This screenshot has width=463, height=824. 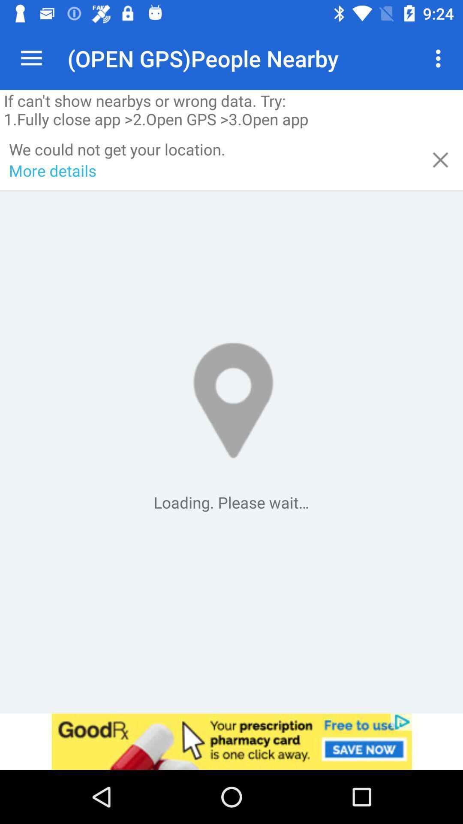 What do you see at coordinates (440, 160) in the screenshot?
I see `screen` at bounding box center [440, 160].